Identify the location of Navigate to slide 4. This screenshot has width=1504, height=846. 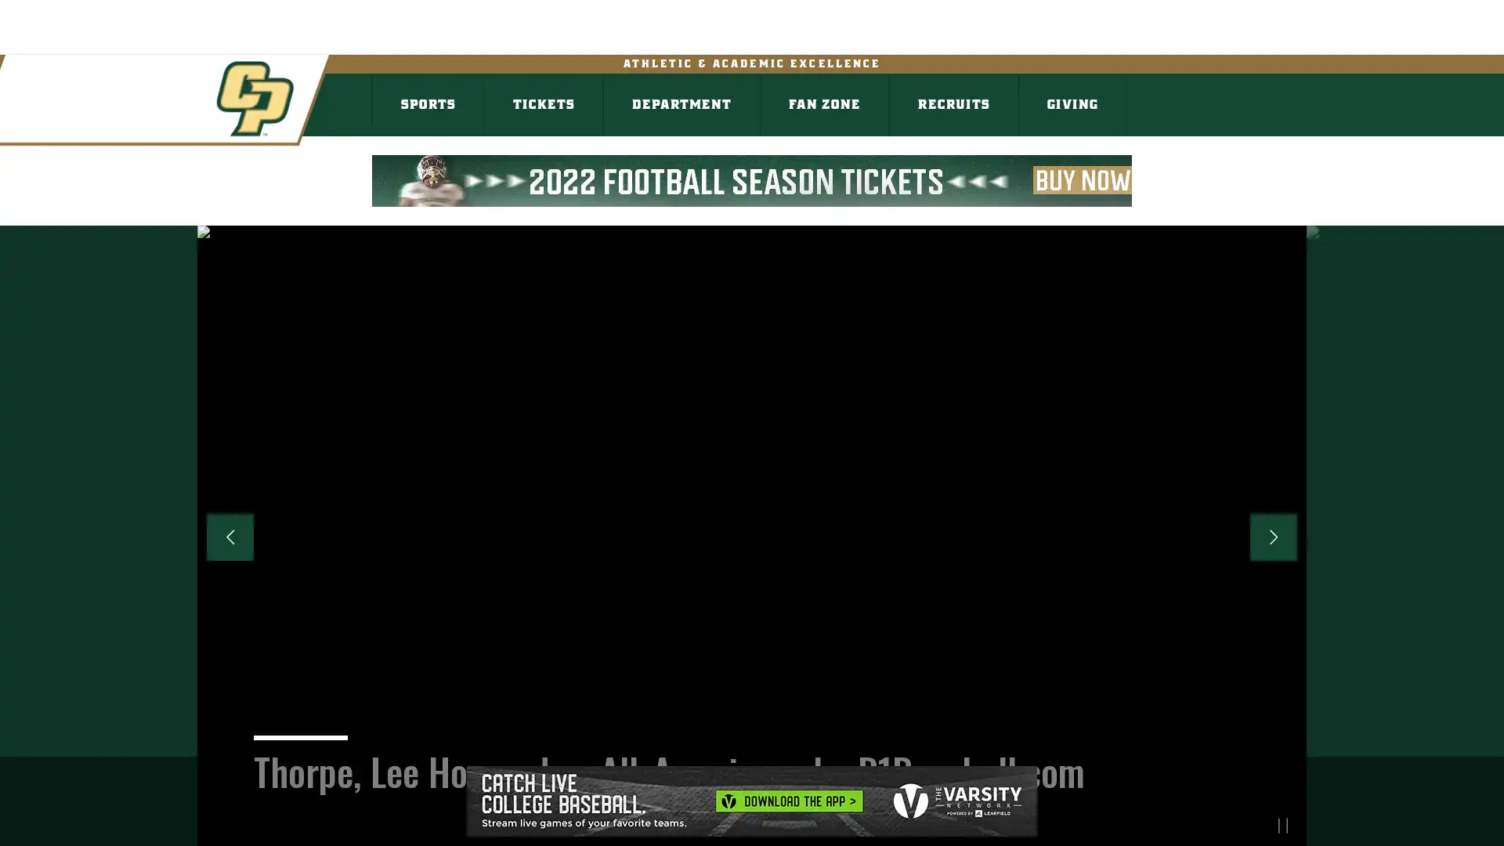
(765, 824).